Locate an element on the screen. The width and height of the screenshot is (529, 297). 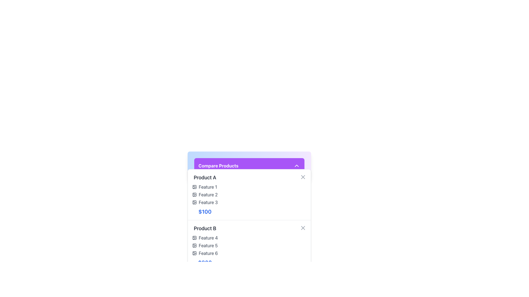
any feature in the informational list associated with 'Product B' to focus on it is located at coordinates (205, 245).